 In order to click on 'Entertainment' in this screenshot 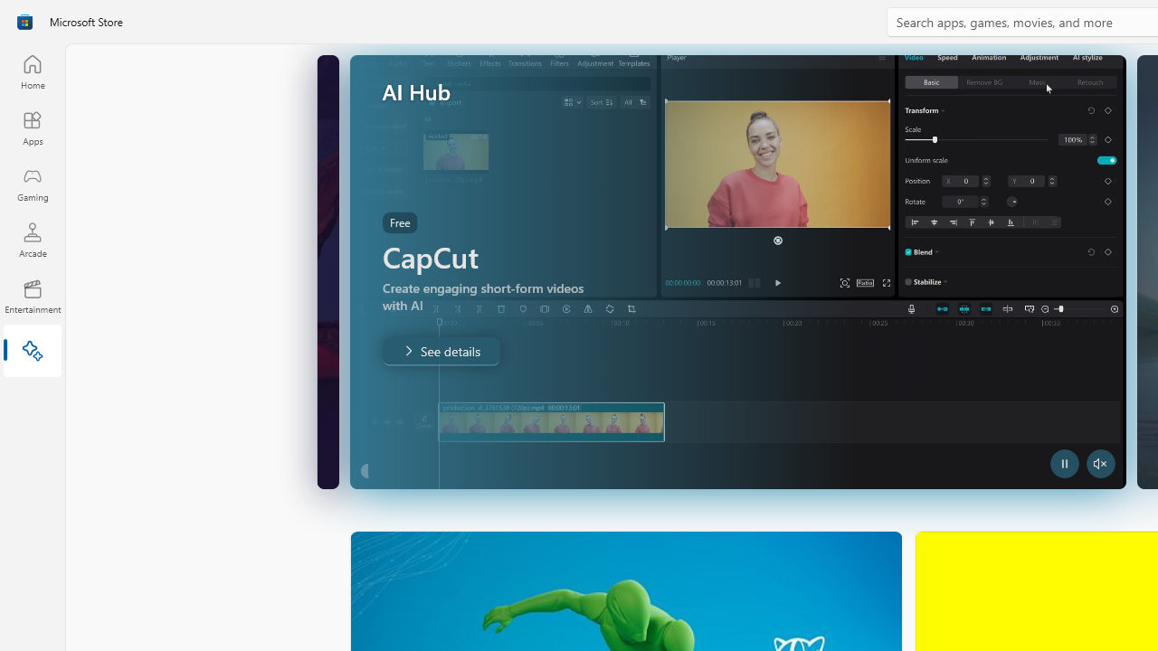, I will do `click(32, 295)`.